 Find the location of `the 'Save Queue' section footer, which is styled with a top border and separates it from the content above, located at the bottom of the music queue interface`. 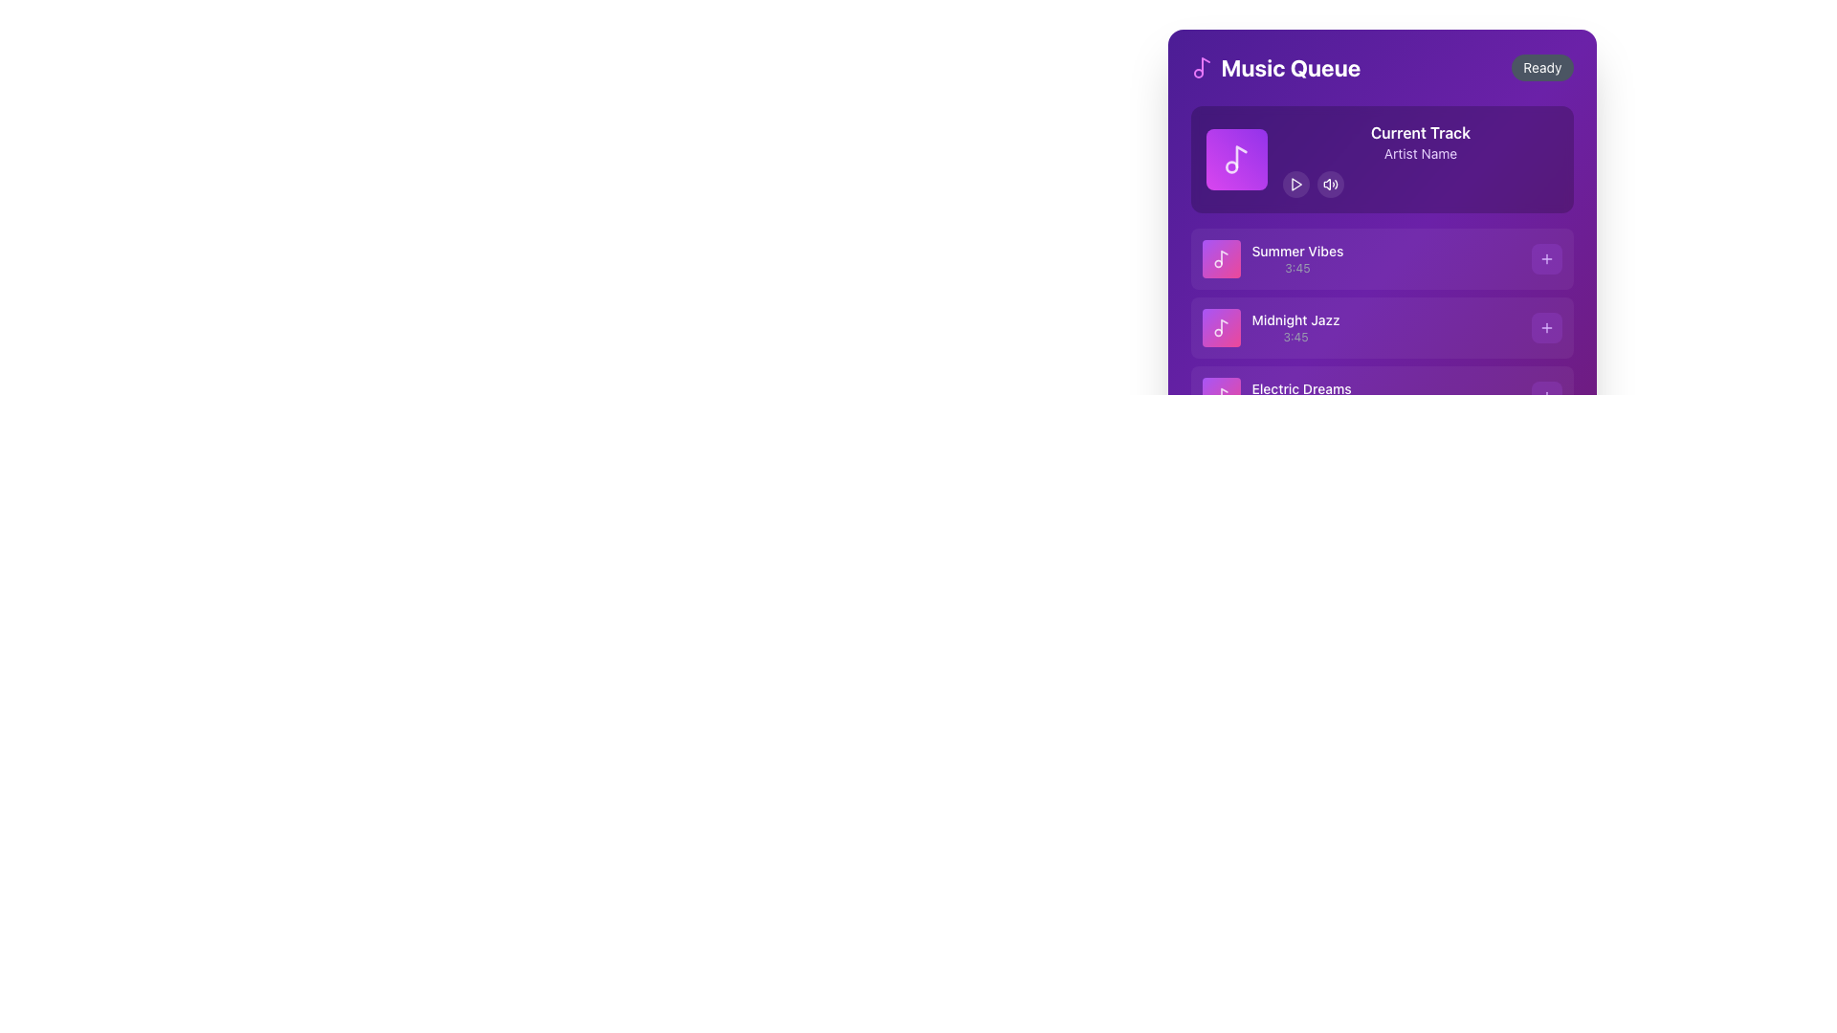

the 'Save Queue' section footer, which is styled with a top border and separates it from the content above, located at the bottom of the music queue interface is located at coordinates (1382, 468).